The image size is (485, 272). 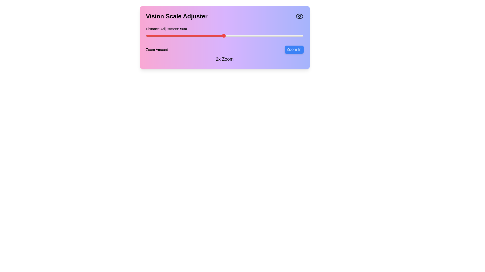 I want to click on text label '2x Zoom' located in the lower portion of the gradient-colored modal, beneath the 'Zoom Amount' label and adjacent to the 'Zoom In' button, to understand the current zoom level, so click(x=224, y=59).